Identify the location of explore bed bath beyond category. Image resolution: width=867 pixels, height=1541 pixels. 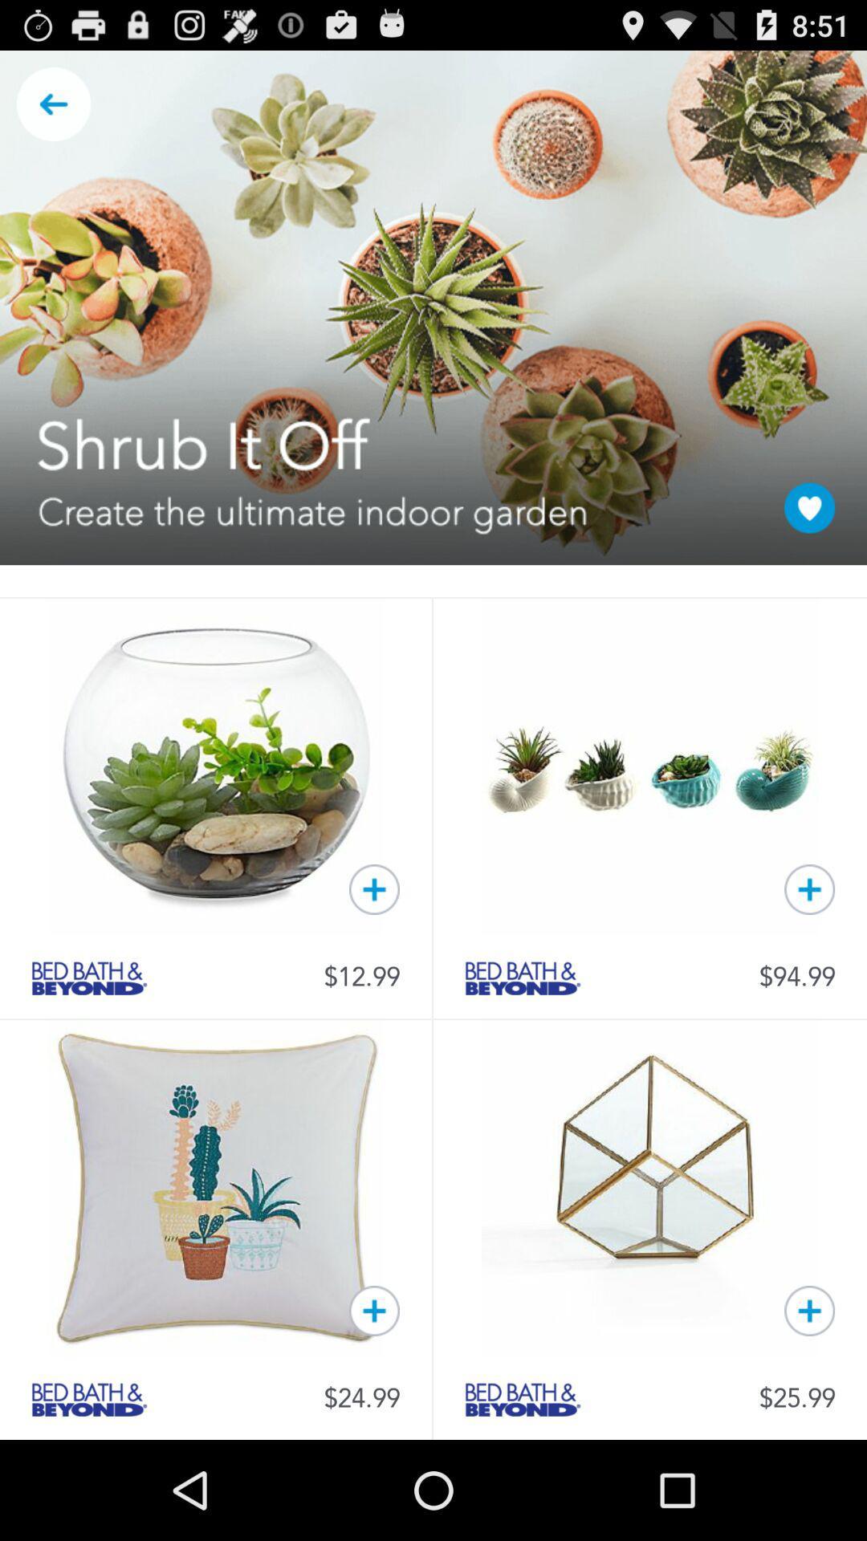
(523, 978).